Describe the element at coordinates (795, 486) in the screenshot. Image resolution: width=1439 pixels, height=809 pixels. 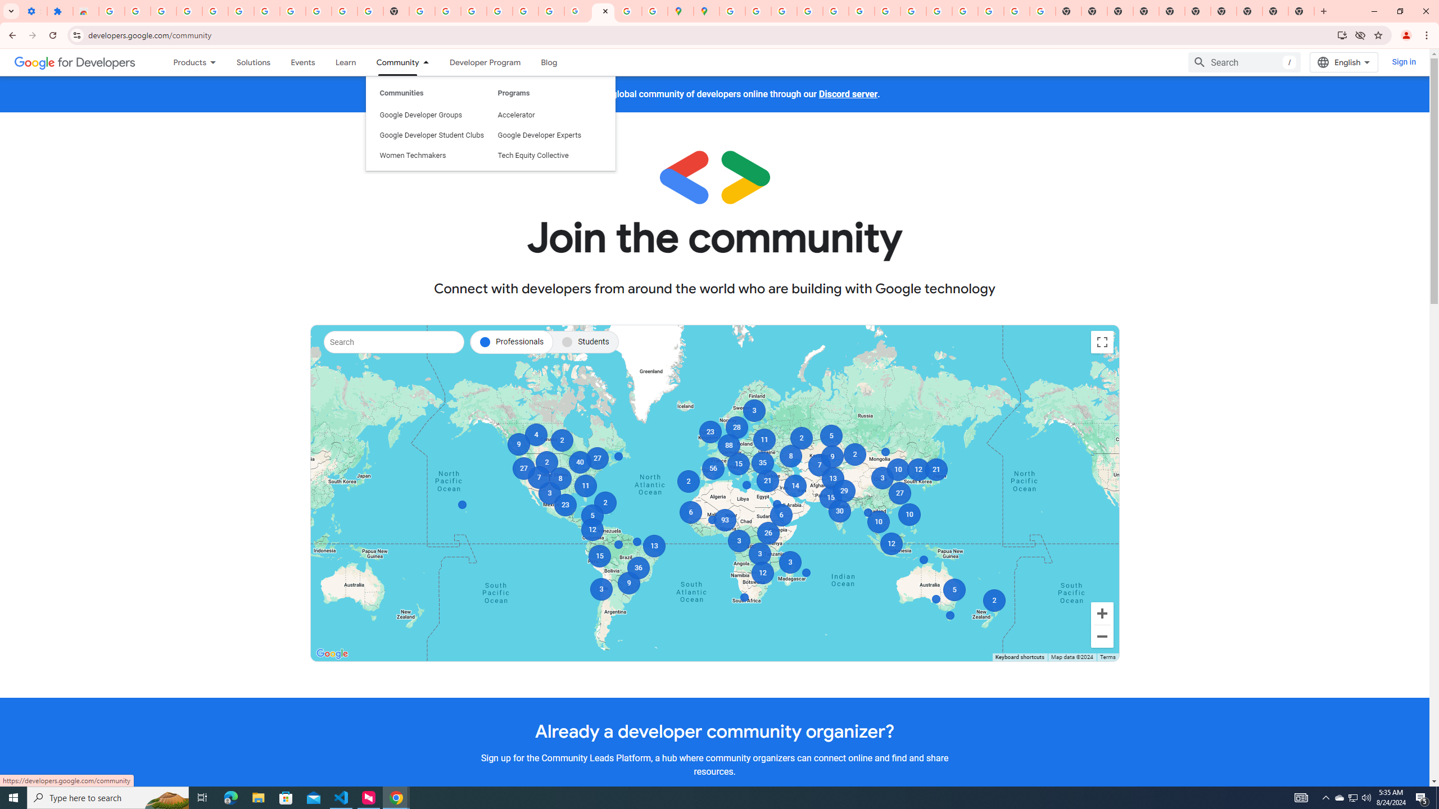
I see `'14'` at that location.